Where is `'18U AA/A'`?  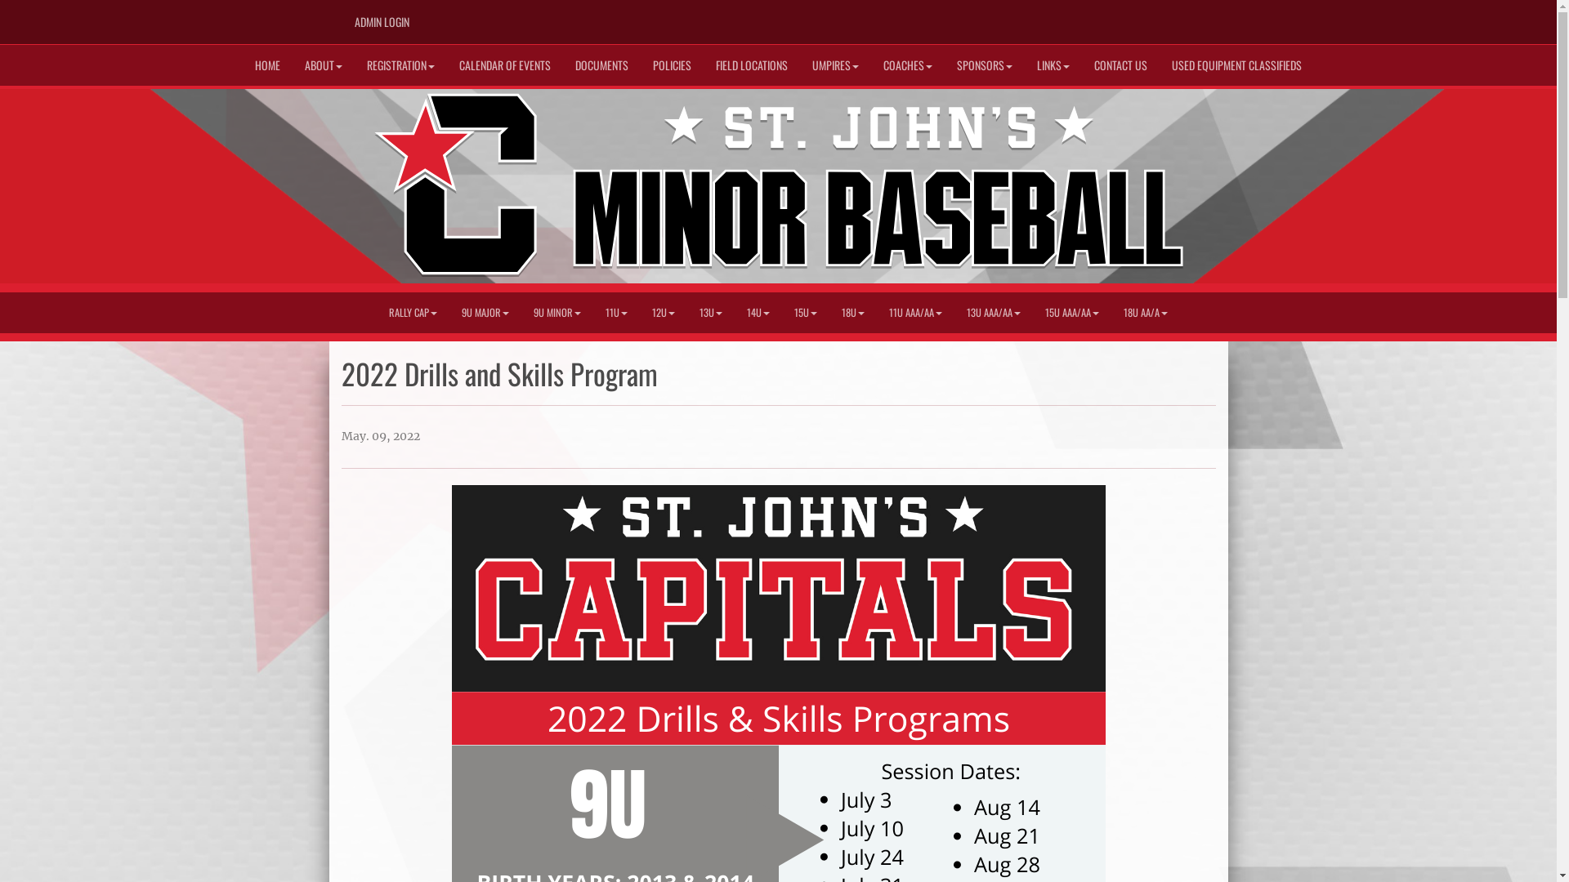 '18U AA/A' is located at coordinates (1144, 312).